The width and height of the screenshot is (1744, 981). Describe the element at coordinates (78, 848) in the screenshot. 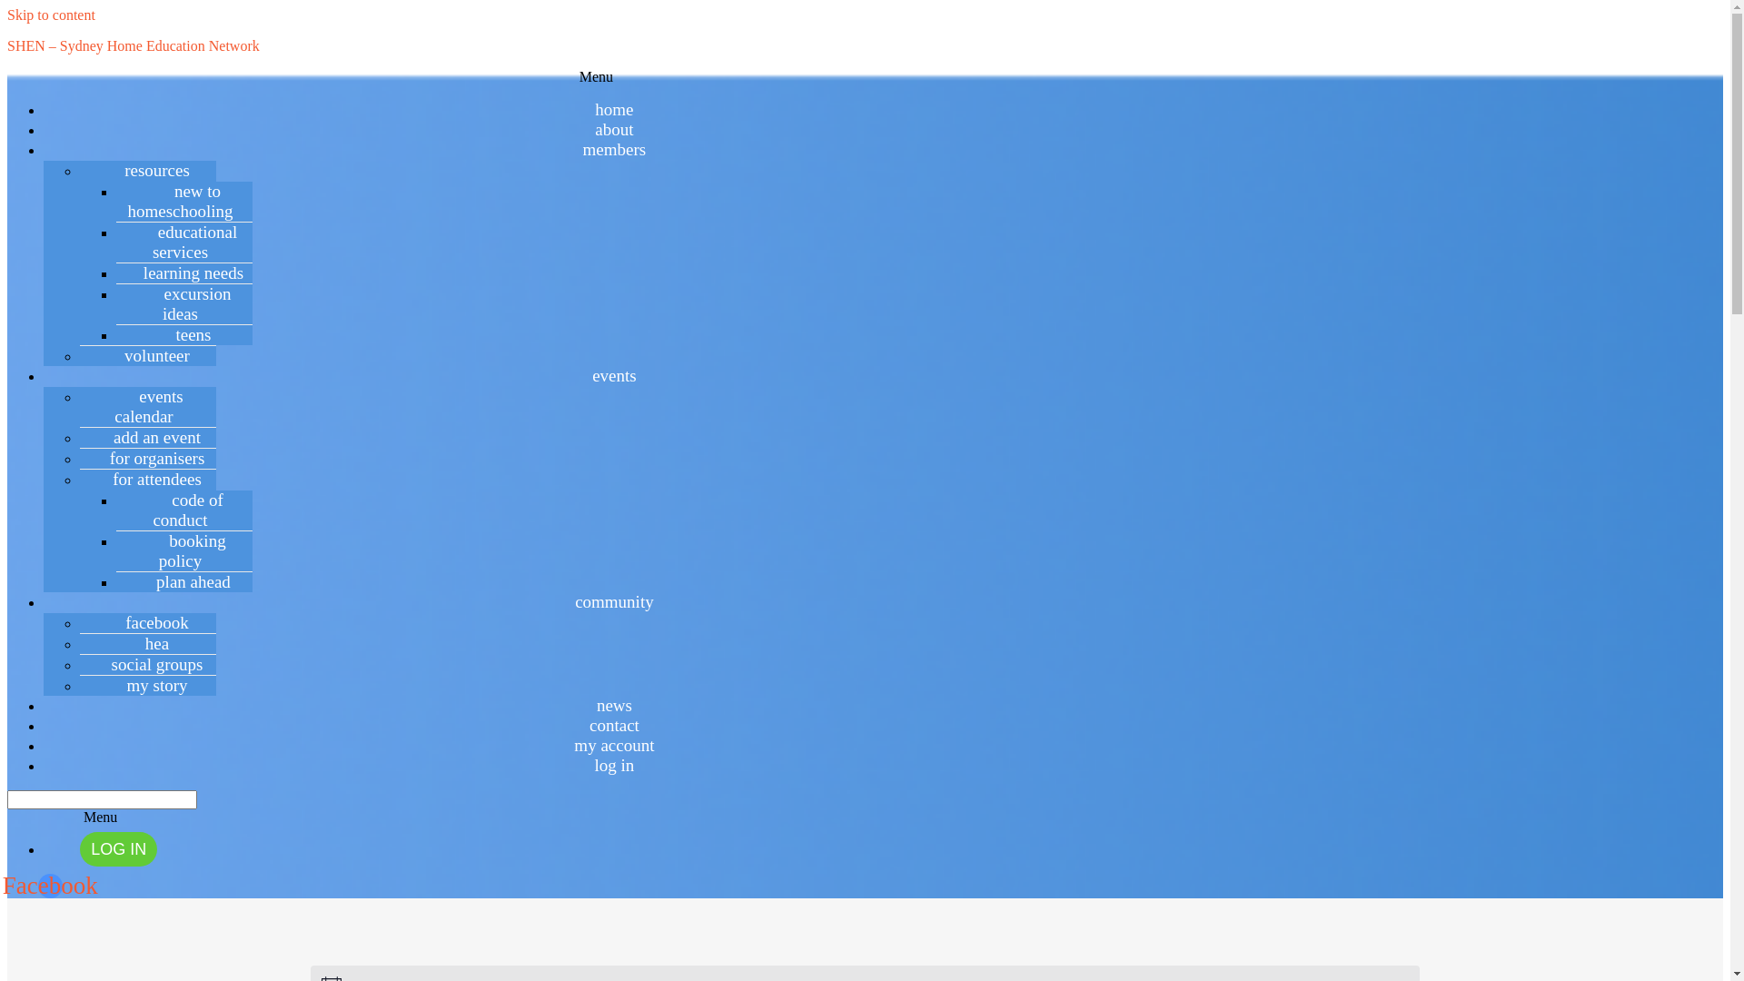

I see `'LOG IN'` at that location.